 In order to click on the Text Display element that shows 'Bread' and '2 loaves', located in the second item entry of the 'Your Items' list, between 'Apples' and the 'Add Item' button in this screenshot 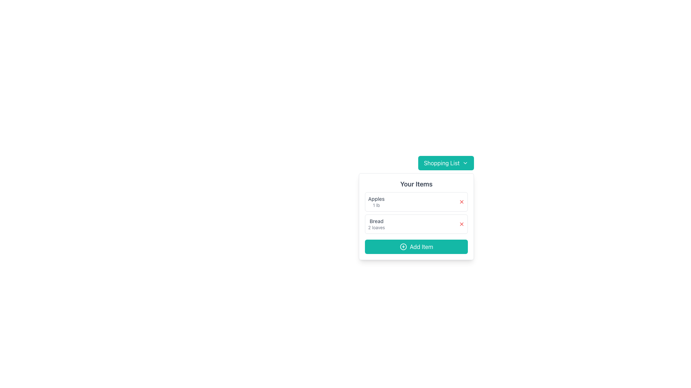, I will do `click(376, 224)`.